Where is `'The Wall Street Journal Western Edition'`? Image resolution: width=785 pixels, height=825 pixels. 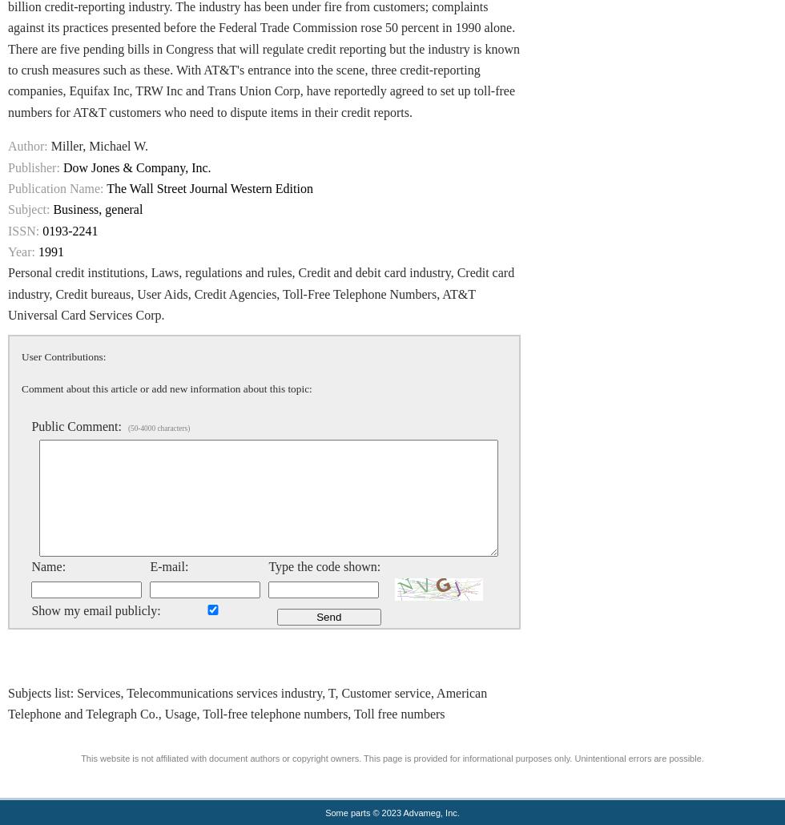
'The Wall Street Journal Western Edition' is located at coordinates (209, 187).